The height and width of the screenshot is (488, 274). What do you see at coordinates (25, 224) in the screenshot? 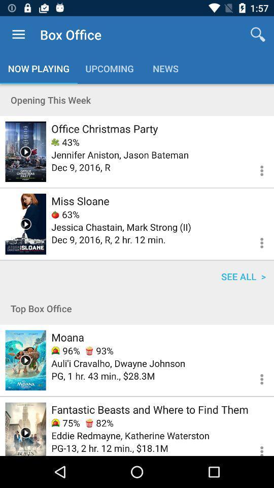
I see `watch video` at bounding box center [25, 224].